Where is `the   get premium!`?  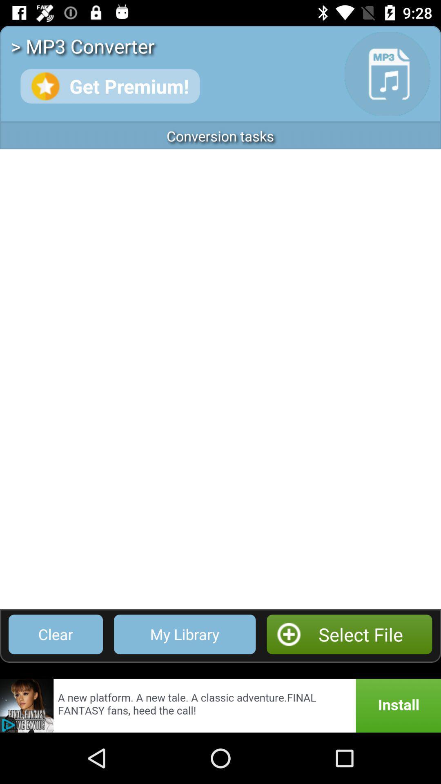
the   get premium! is located at coordinates (109, 86).